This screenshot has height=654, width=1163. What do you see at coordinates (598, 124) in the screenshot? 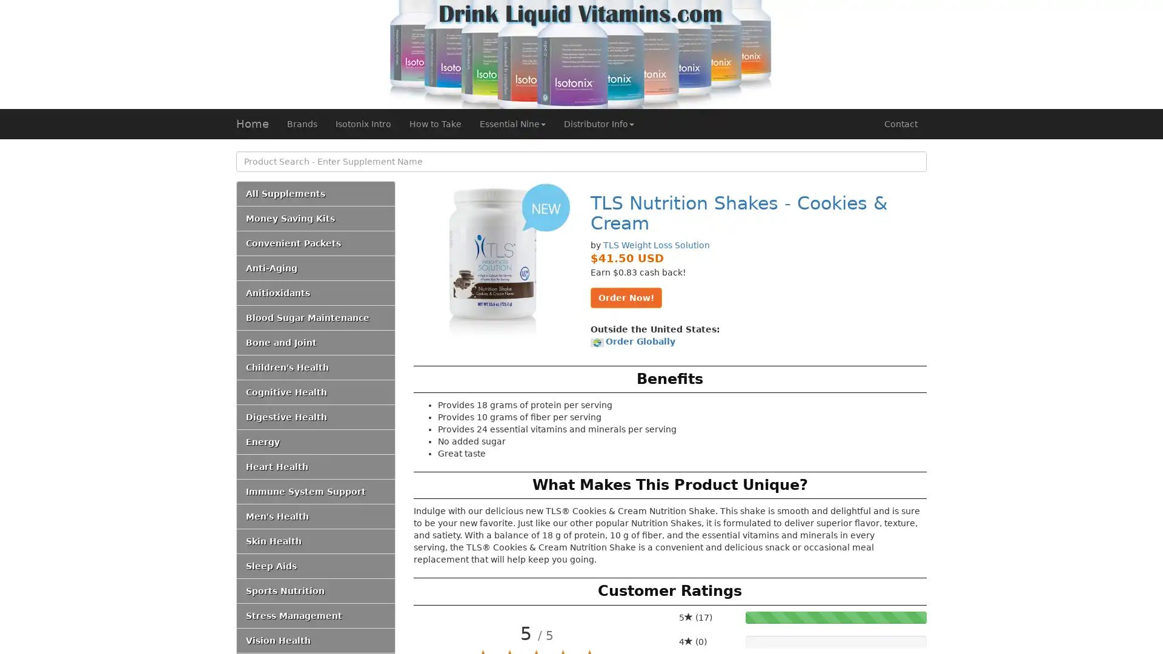
I see `Distributor Info` at bounding box center [598, 124].